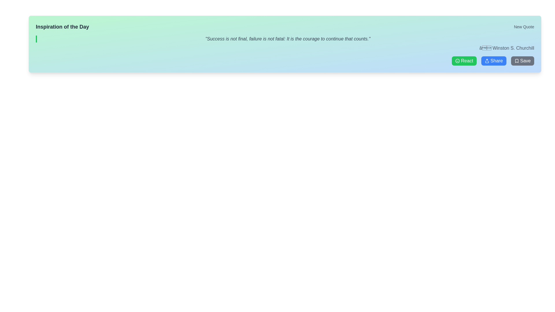  What do you see at coordinates (467, 61) in the screenshot?
I see `the text label inside the button located on the right side of the header section, which indicates the button's purpose related to the React framework` at bounding box center [467, 61].